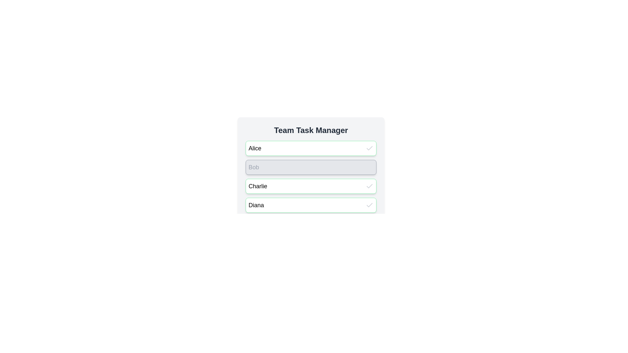 The image size is (628, 353). What do you see at coordinates (310, 168) in the screenshot?
I see `the List Item element labeled 'Bob' which is the second item in the Team Task Manager list` at bounding box center [310, 168].